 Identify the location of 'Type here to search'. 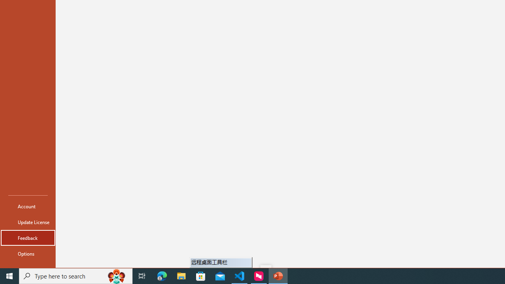
(76, 275).